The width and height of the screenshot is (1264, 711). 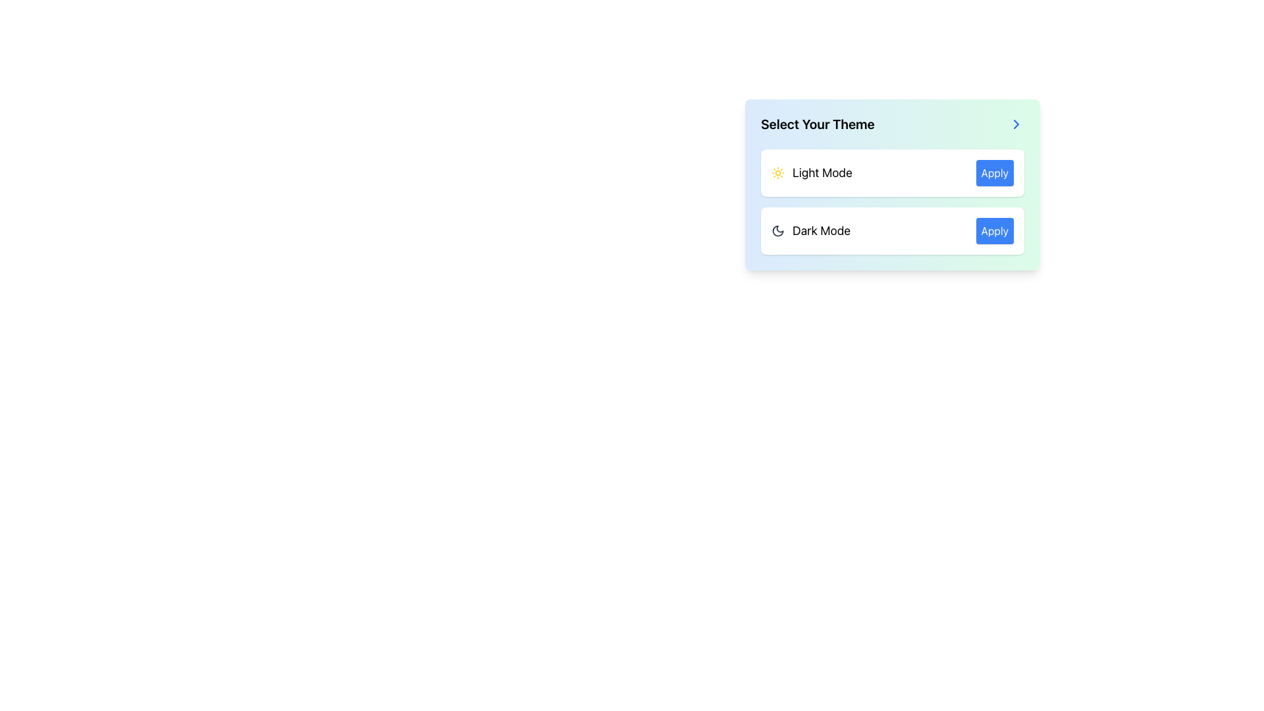 What do you see at coordinates (777, 230) in the screenshot?
I see `the decorative 'Dark Mode' icon located on the left side of the 'Dark Mode' text, which serves as a visual aid in the interface` at bounding box center [777, 230].